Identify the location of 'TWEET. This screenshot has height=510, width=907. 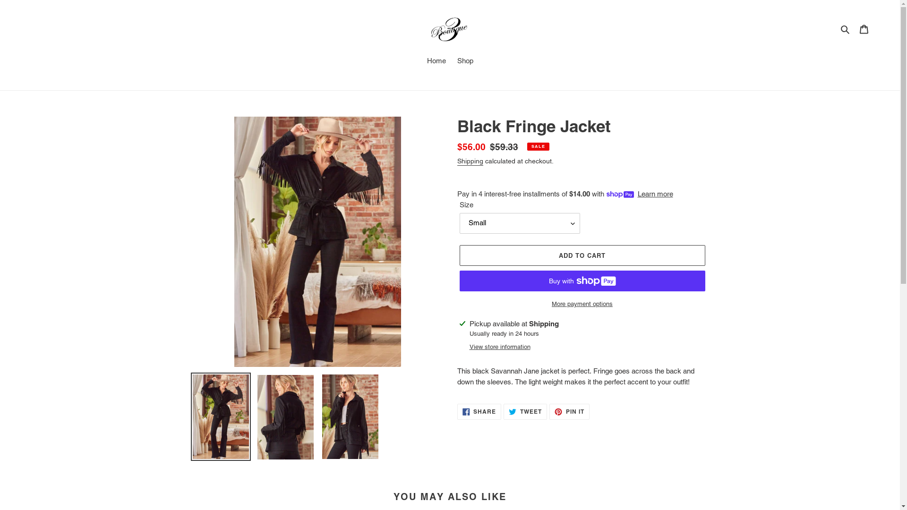
(503, 411).